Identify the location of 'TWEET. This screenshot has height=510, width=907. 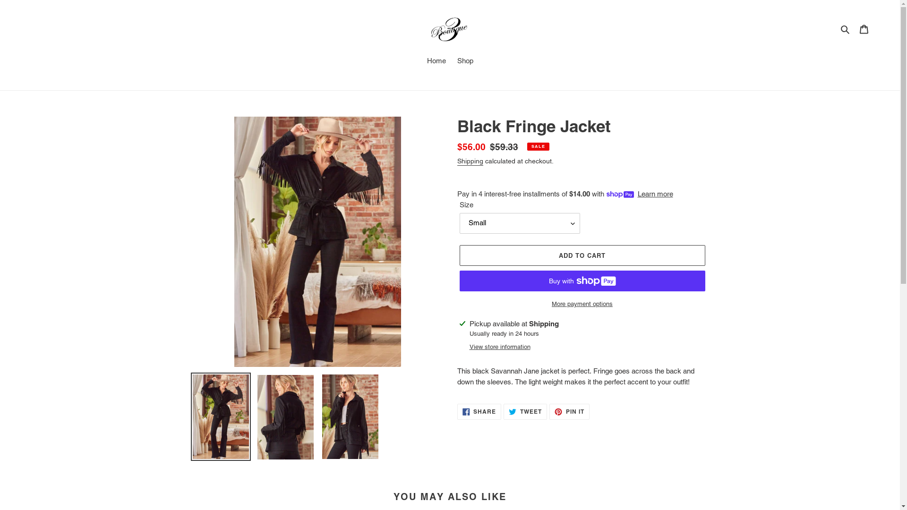
(503, 411).